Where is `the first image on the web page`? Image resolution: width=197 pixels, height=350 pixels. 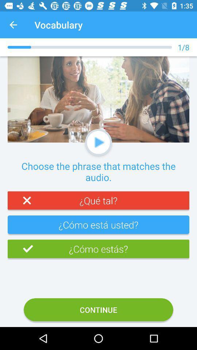 the first image on the web page is located at coordinates (98, 99).